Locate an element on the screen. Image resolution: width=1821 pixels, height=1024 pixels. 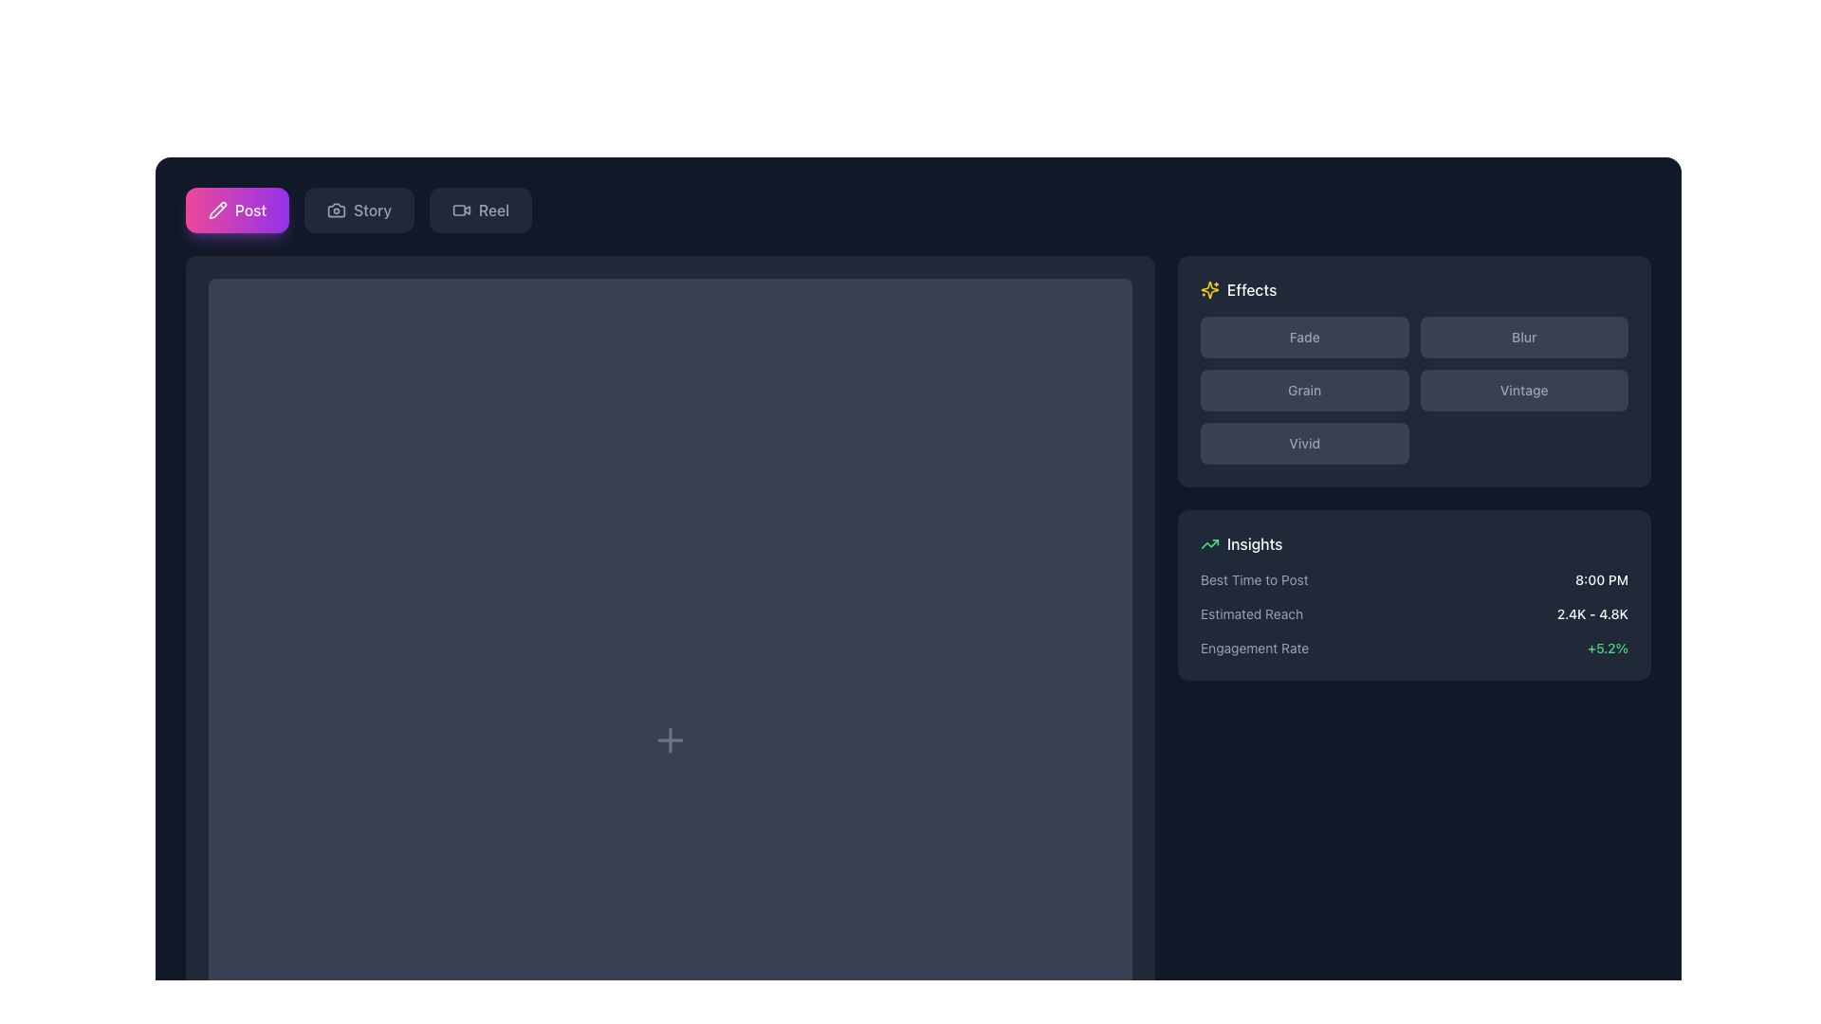
the decorative icon representing the 'Effects' section located at the top of the Effects panel, above the 'Fade' and 'Blur' buttons is located at coordinates (1209, 289).